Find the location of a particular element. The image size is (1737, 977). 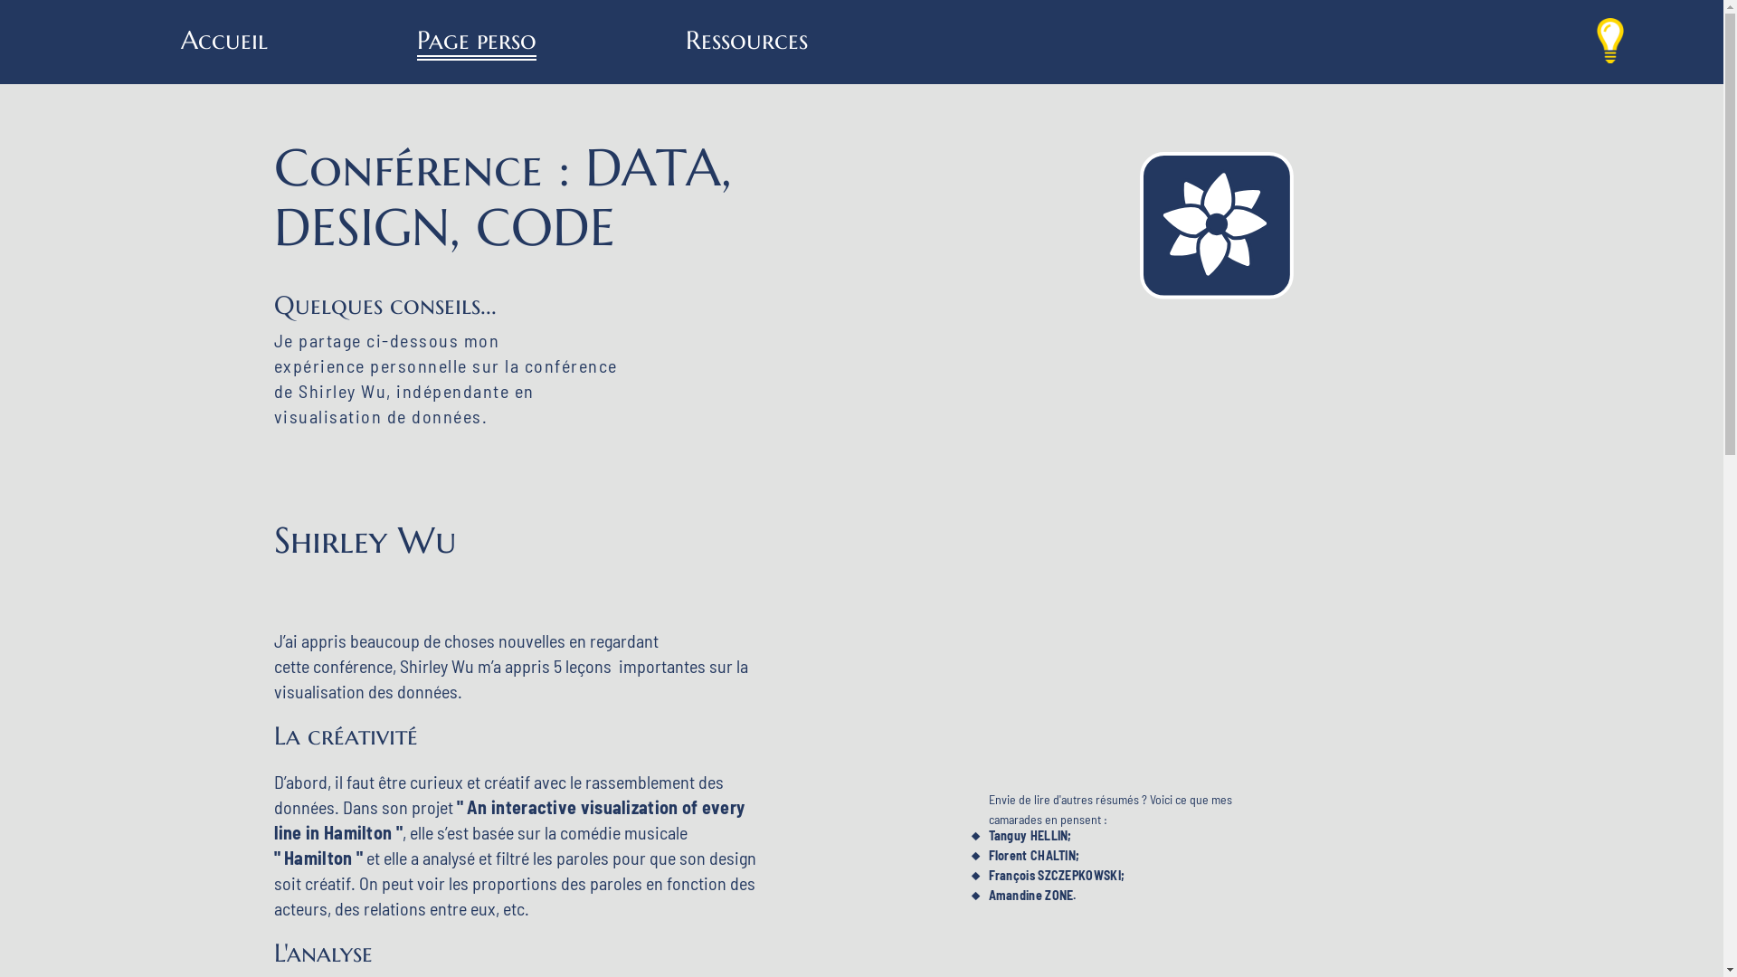

'Florent CHALTIN;' is located at coordinates (1033, 855).